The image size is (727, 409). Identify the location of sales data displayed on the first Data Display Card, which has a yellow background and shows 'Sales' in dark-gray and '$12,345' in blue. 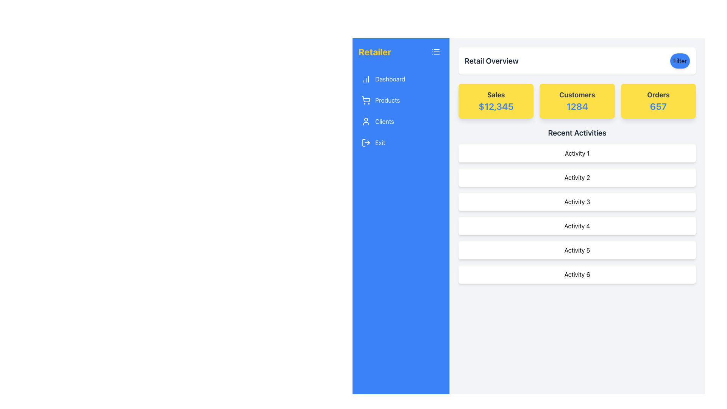
(496, 100).